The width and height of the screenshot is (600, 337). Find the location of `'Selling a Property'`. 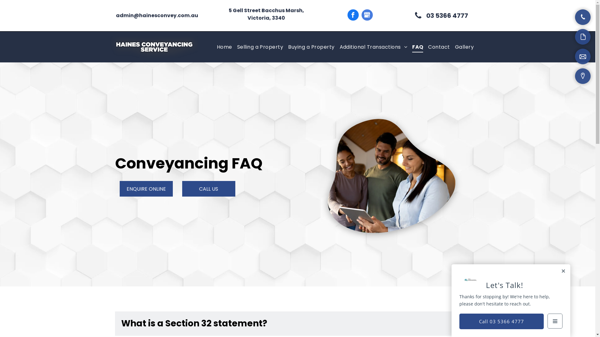

'Selling a Property' is located at coordinates (260, 46).